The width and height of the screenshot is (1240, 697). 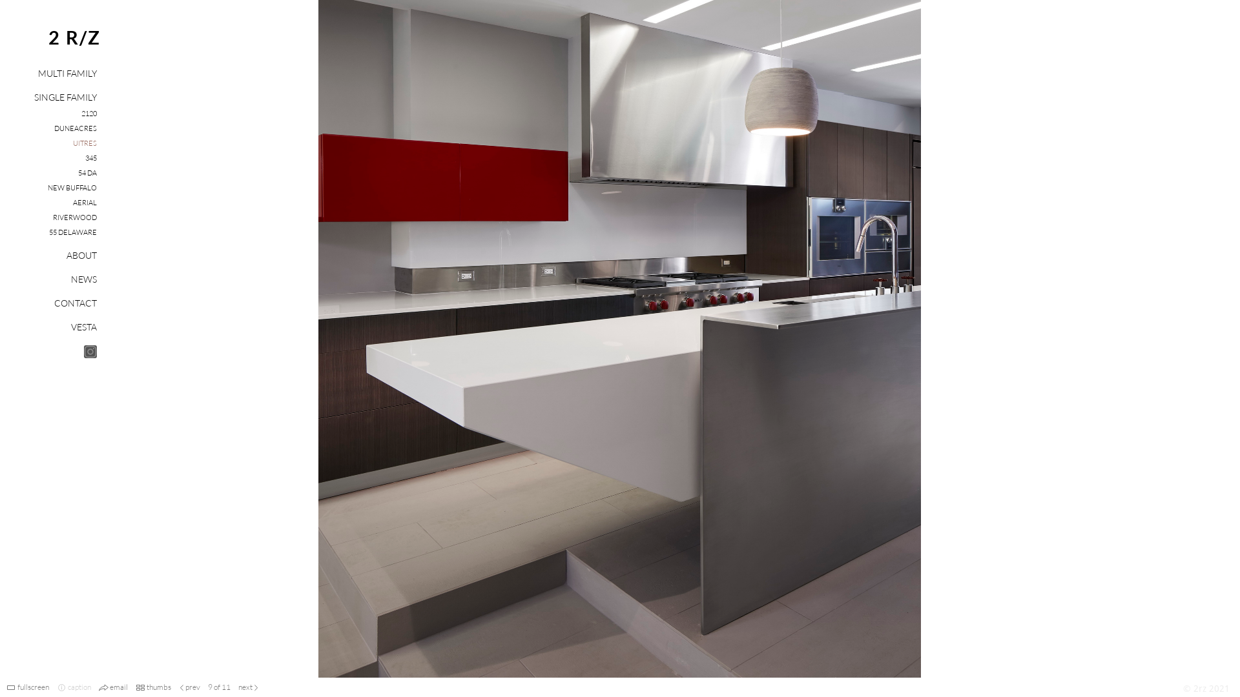 I want to click on 'NEW BUFFALO', so click(x=47, y=187).